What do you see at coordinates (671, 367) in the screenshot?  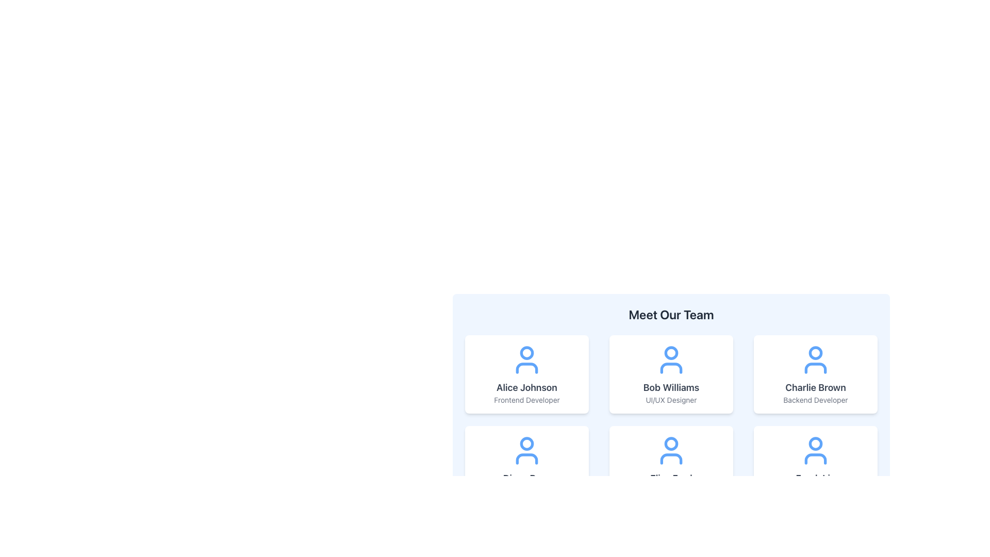 I see `the vector graphic element representing the shoulders or torso of the user icon for team member 'Bob Williams' in the 'Meet Our Team' section` at bounding box center [671, 367].